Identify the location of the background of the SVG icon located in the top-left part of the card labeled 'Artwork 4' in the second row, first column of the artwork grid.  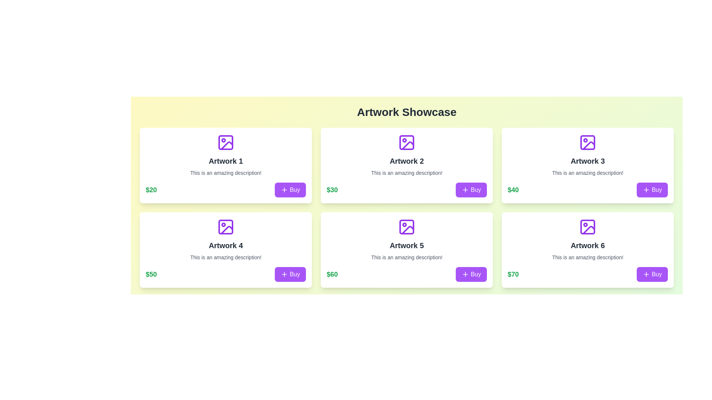
(225, 227).